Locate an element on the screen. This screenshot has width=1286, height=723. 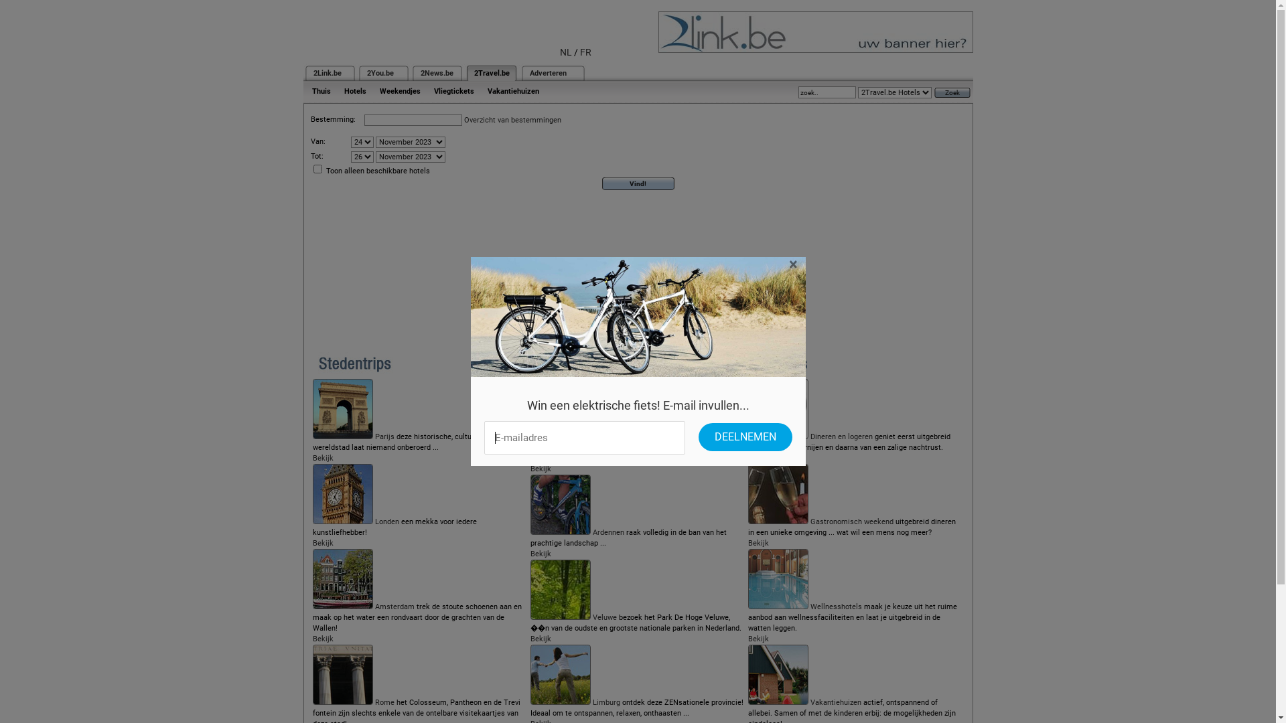
'Vind!' is located at coordinates (638, 183).